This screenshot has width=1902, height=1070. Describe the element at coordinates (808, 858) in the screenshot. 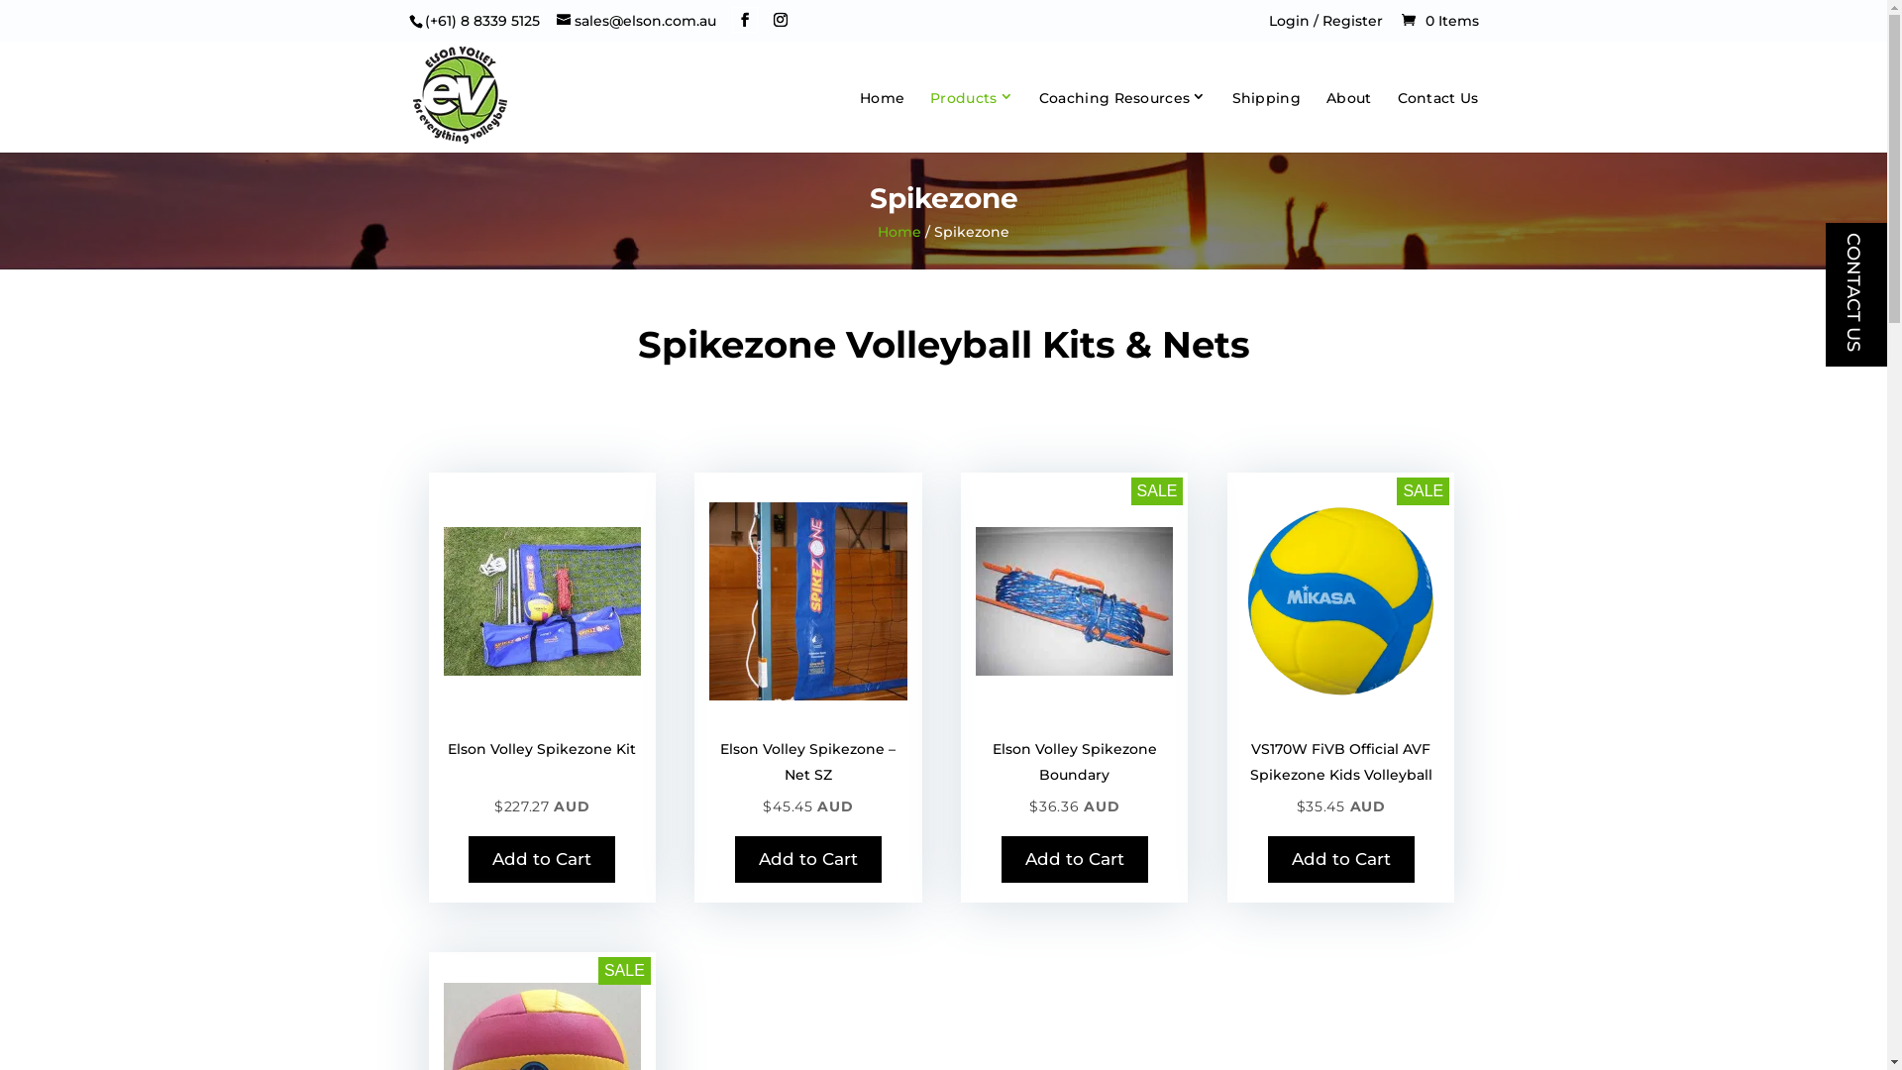

I see `'Add to Cart'` at that location.